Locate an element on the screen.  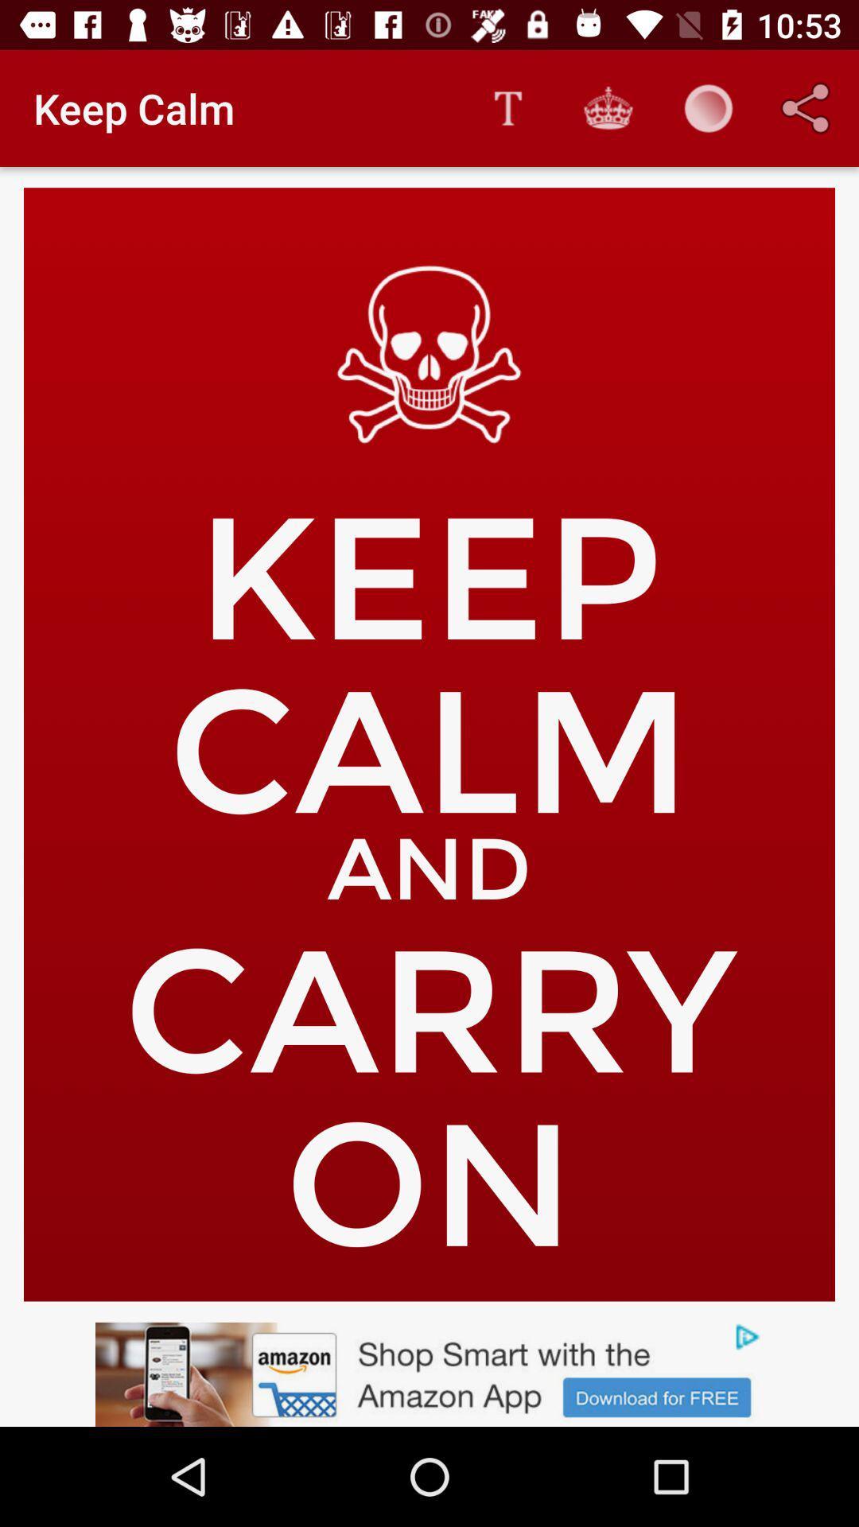
amazon app download page is located at coordinates (429, 1374).